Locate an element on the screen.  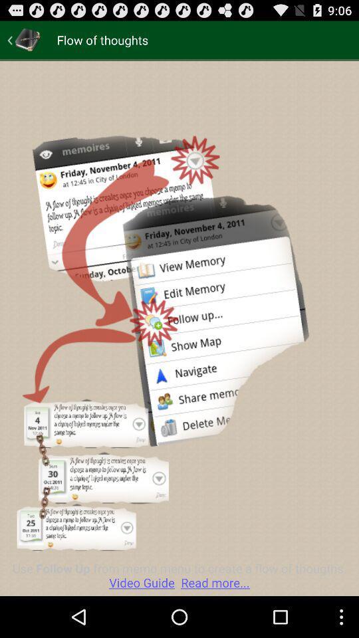
item next to flow of thoughts app is located at coordinates (24, 39).